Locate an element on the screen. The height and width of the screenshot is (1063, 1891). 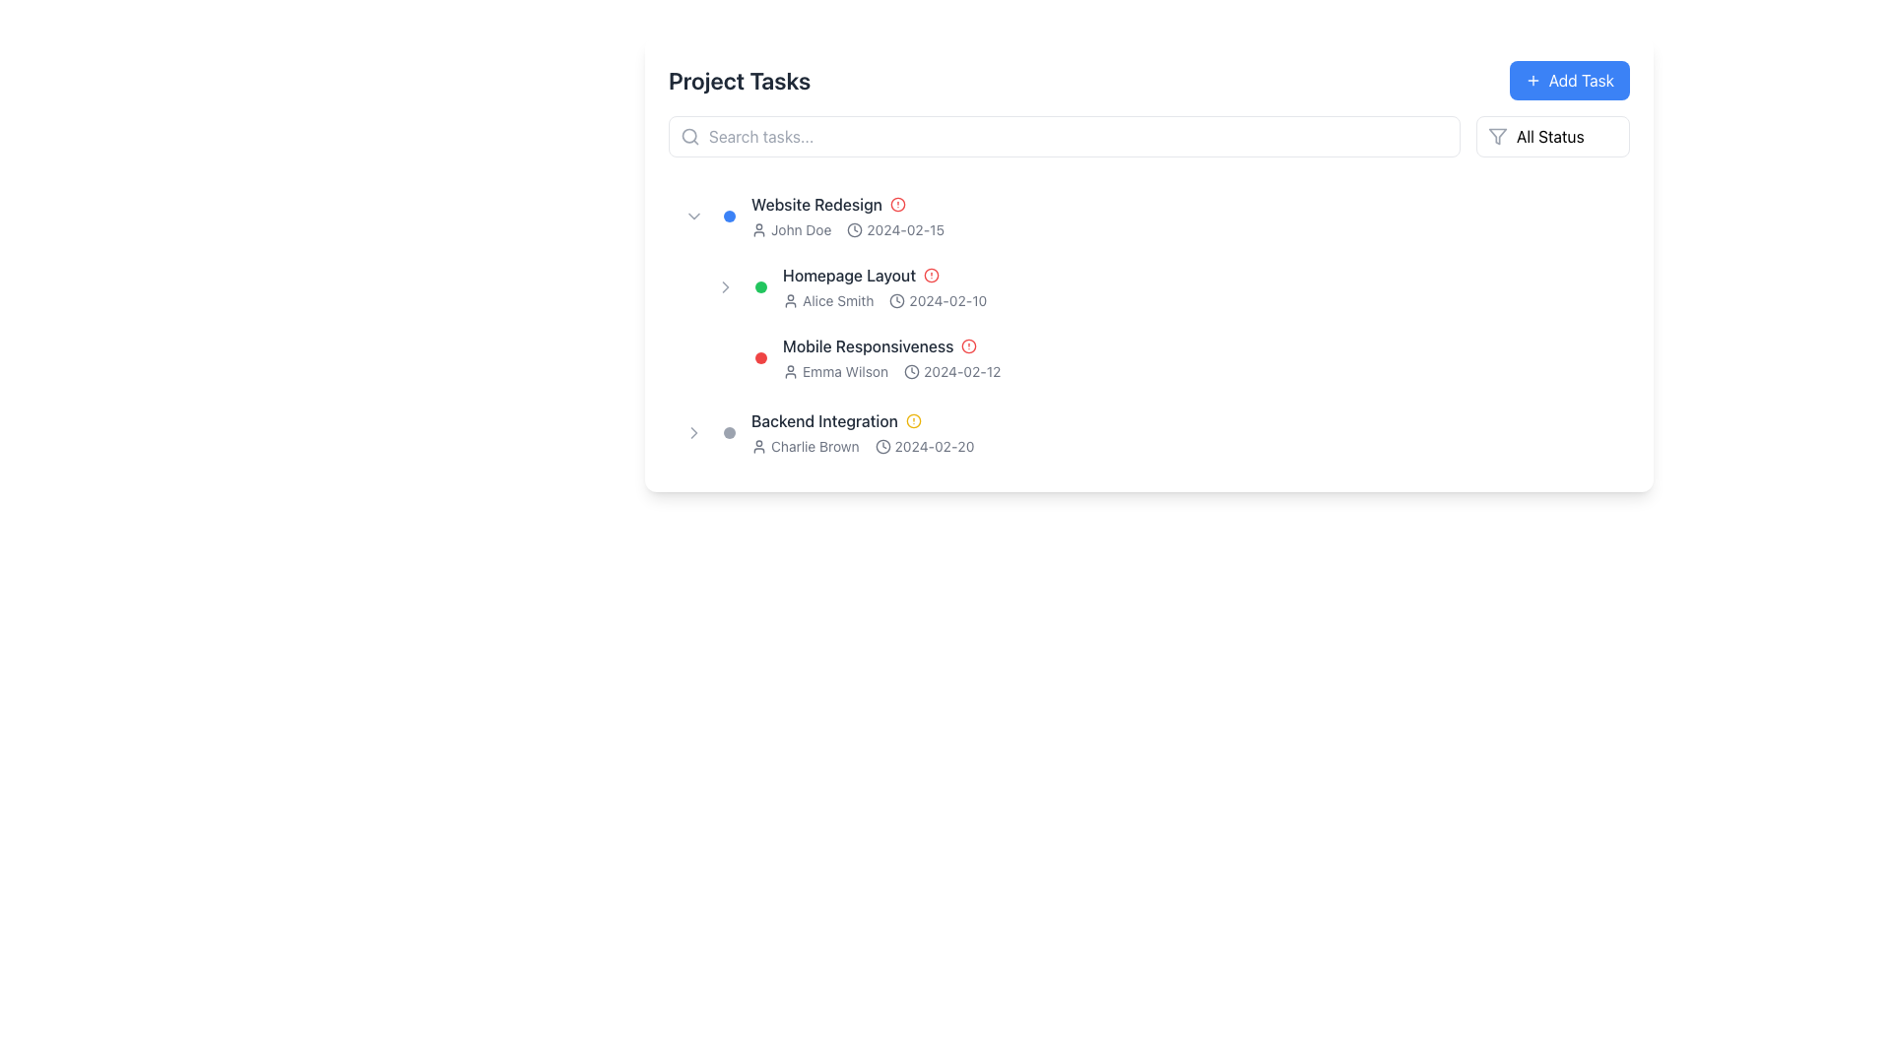
the second task list item, which is positioned between 'Website Redesign' and 'Mobile Responsiveness' is located at coordinates (1148, 287).